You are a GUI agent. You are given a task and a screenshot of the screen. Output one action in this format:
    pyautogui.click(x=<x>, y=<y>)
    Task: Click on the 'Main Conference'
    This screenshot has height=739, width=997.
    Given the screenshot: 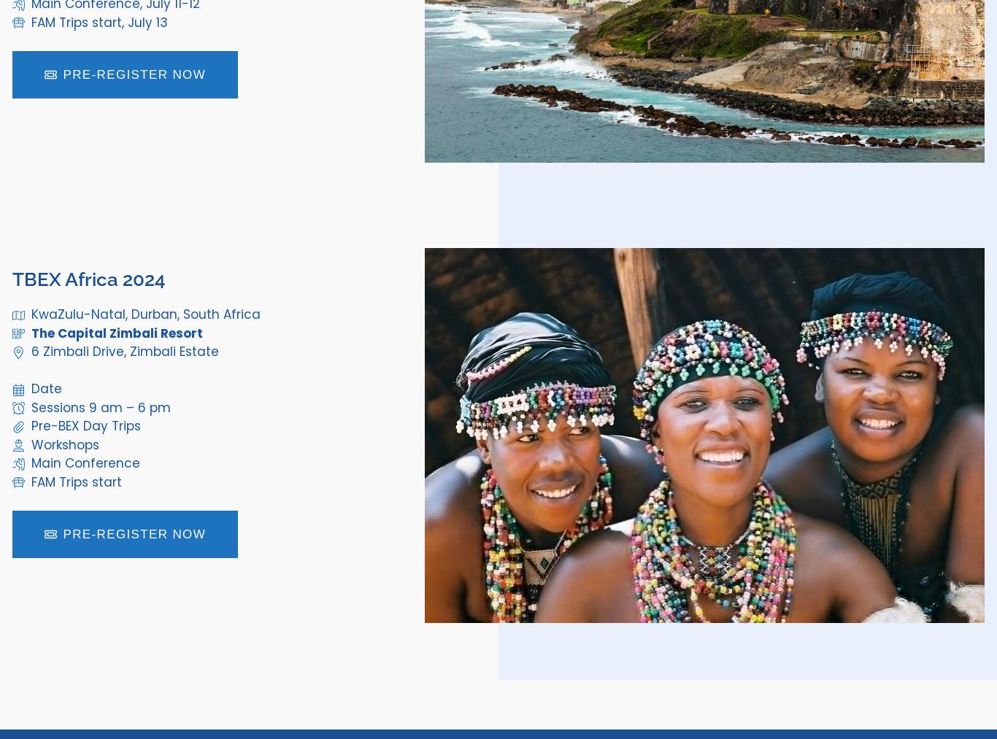 What is the action you would take?
    pyautogui.click(x=84, y=463)
    